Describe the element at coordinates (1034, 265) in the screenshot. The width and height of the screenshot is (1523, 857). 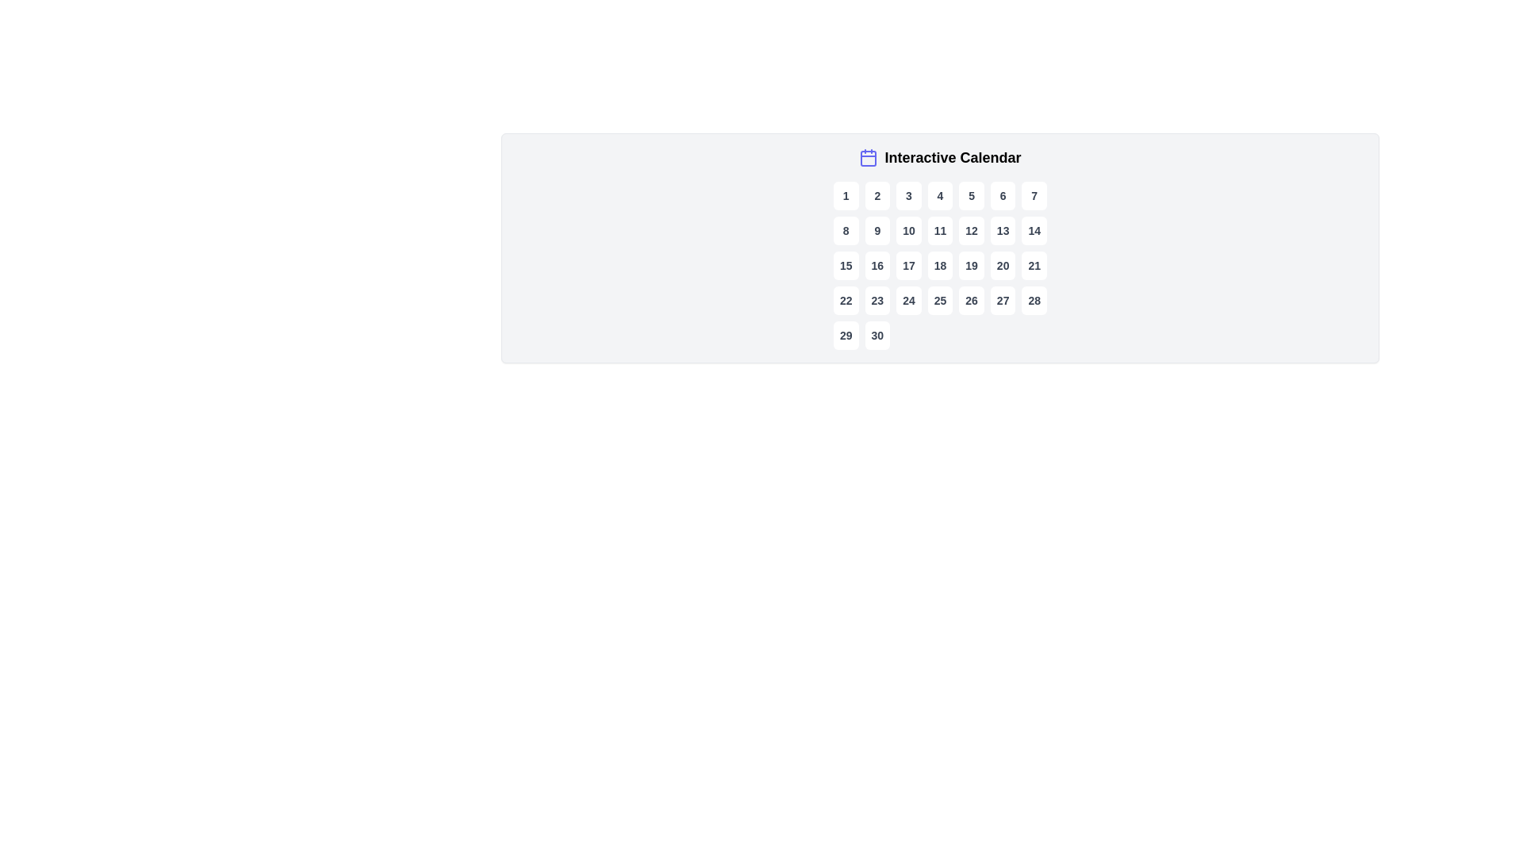
I see `the button labeled '21'` at that location.